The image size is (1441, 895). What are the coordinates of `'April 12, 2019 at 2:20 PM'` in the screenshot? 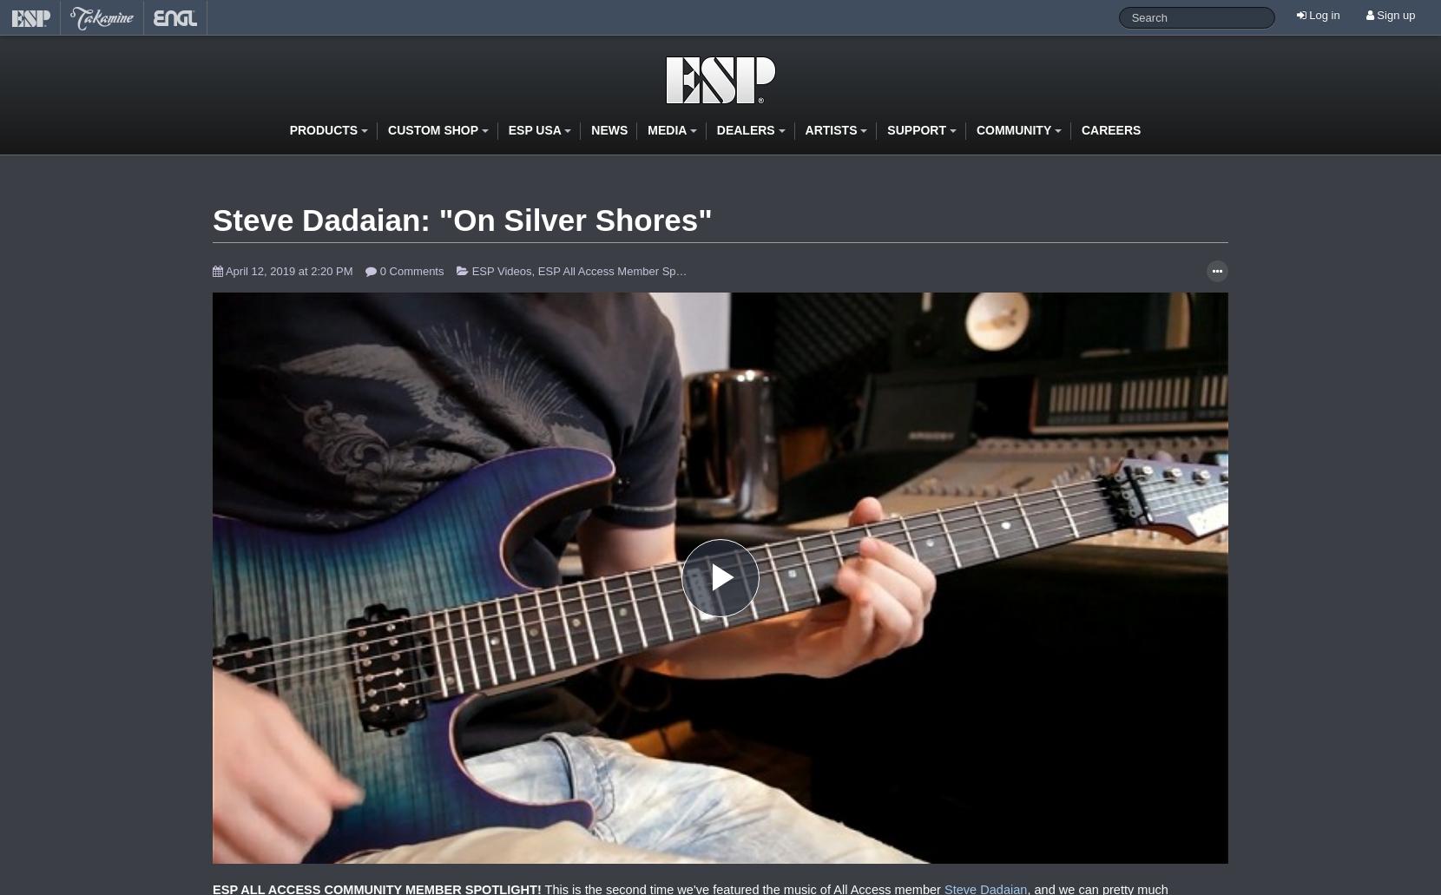 It's located at (223, 269).